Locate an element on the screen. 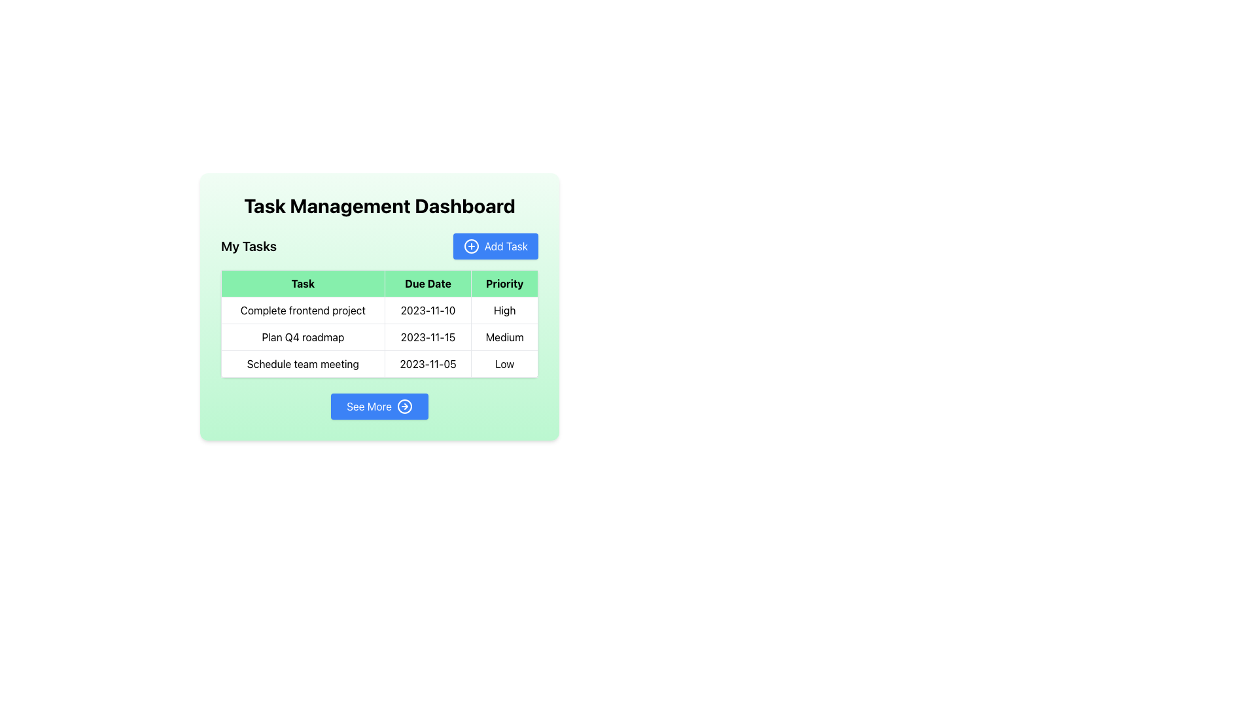  the table cell containing the text 'Complete frontend project', which is the first cell in the first row under the 'Task' column in the task management interface is located at coordinates (302, 310).